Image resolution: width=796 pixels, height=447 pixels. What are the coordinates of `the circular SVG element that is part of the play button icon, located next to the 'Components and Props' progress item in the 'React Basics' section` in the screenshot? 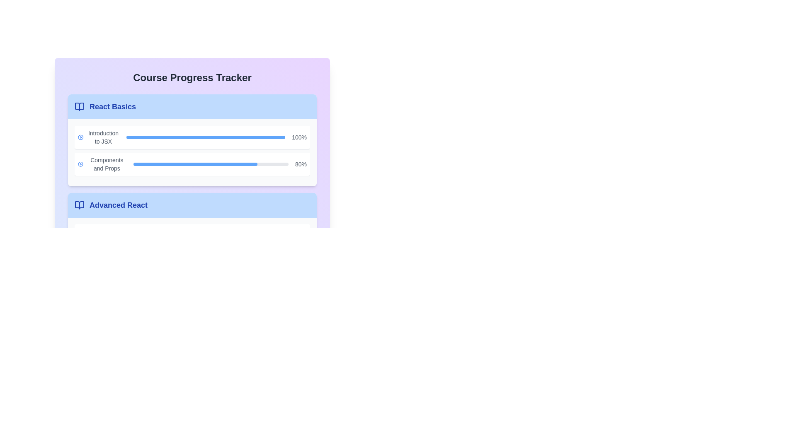 It's located at (80, 164).